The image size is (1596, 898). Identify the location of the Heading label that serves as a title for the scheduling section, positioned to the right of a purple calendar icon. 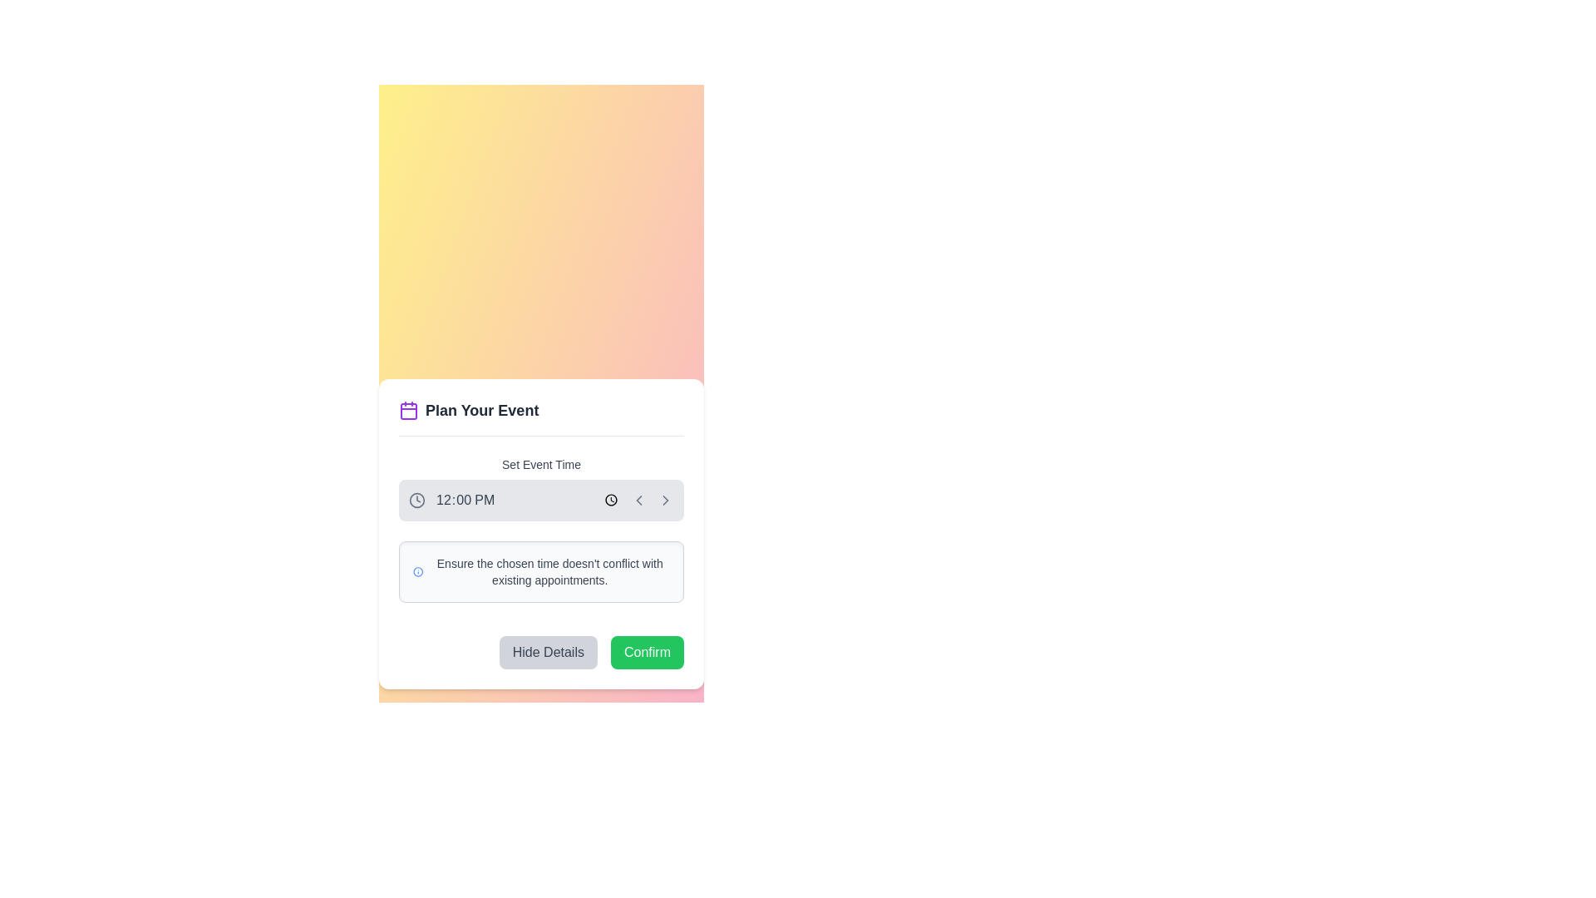
(481, 410).